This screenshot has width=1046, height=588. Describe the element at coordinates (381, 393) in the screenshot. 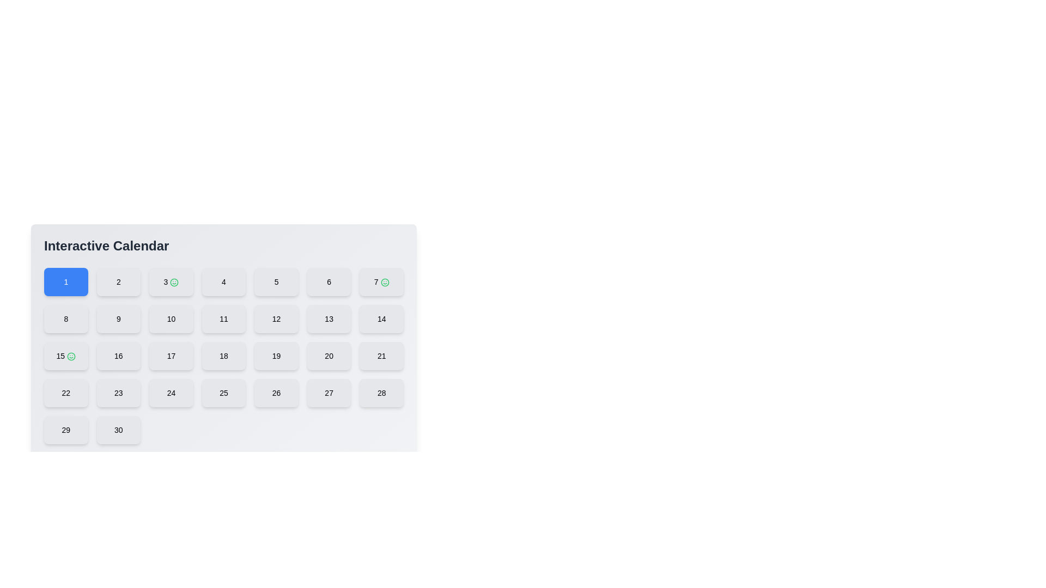

I see `the clickable calendar date button displaying '28' to change its appearance` at that location.